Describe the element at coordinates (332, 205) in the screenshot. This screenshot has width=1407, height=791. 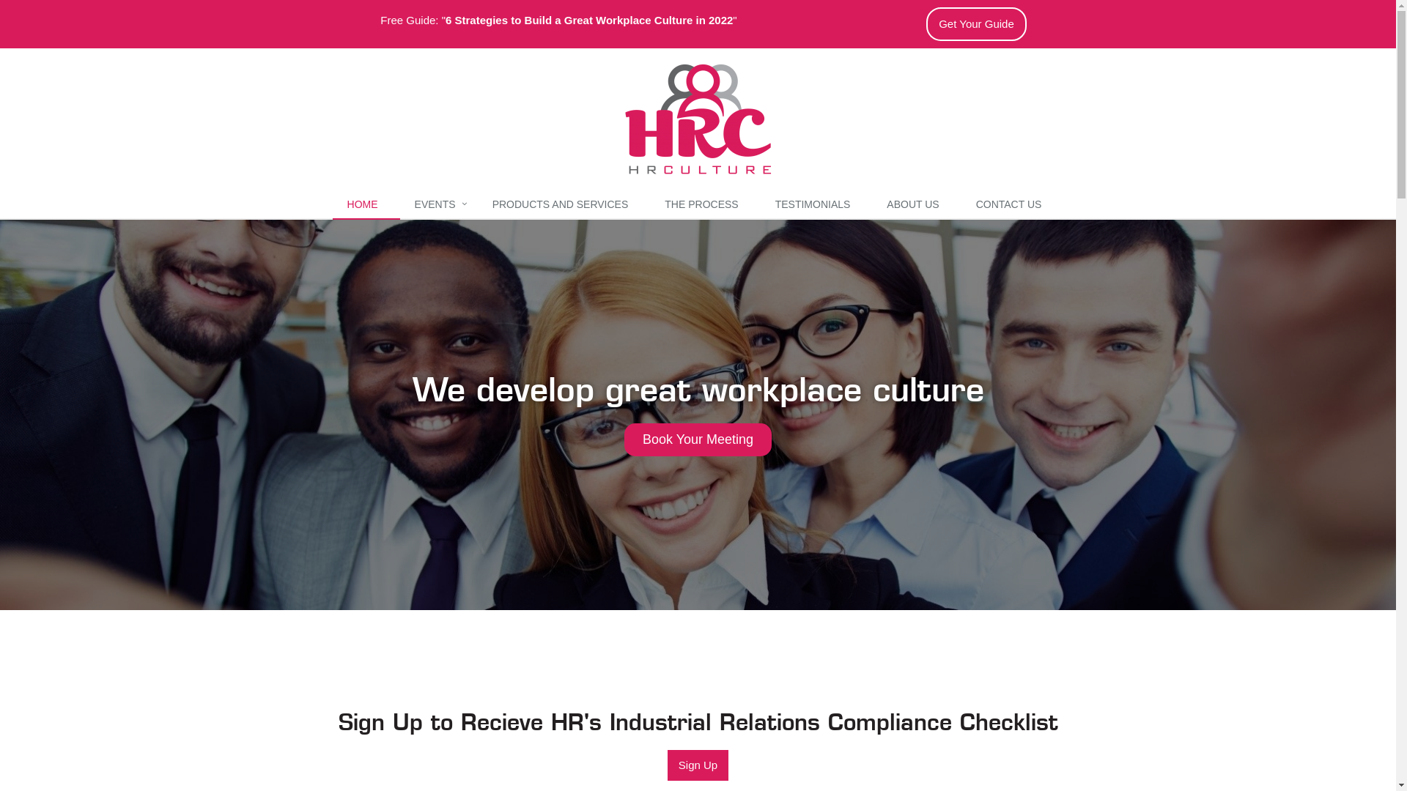
I see `'HOME'` at that location.